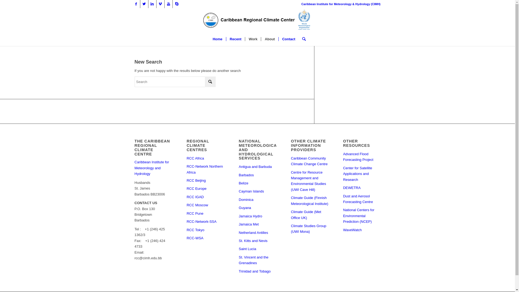  What do you see at coordinates (205, 205) in the screenshot?
I see `'RCC Moscow'` at bounding box center [205, 205].